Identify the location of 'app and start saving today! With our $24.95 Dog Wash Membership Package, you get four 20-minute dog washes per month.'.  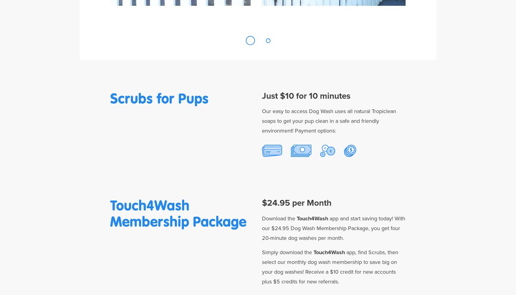
(334, 228).